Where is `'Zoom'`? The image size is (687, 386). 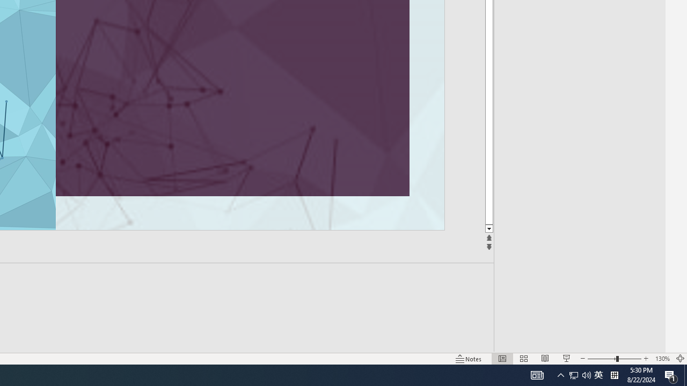 'Zoom' is located at coordinates (614, 359).